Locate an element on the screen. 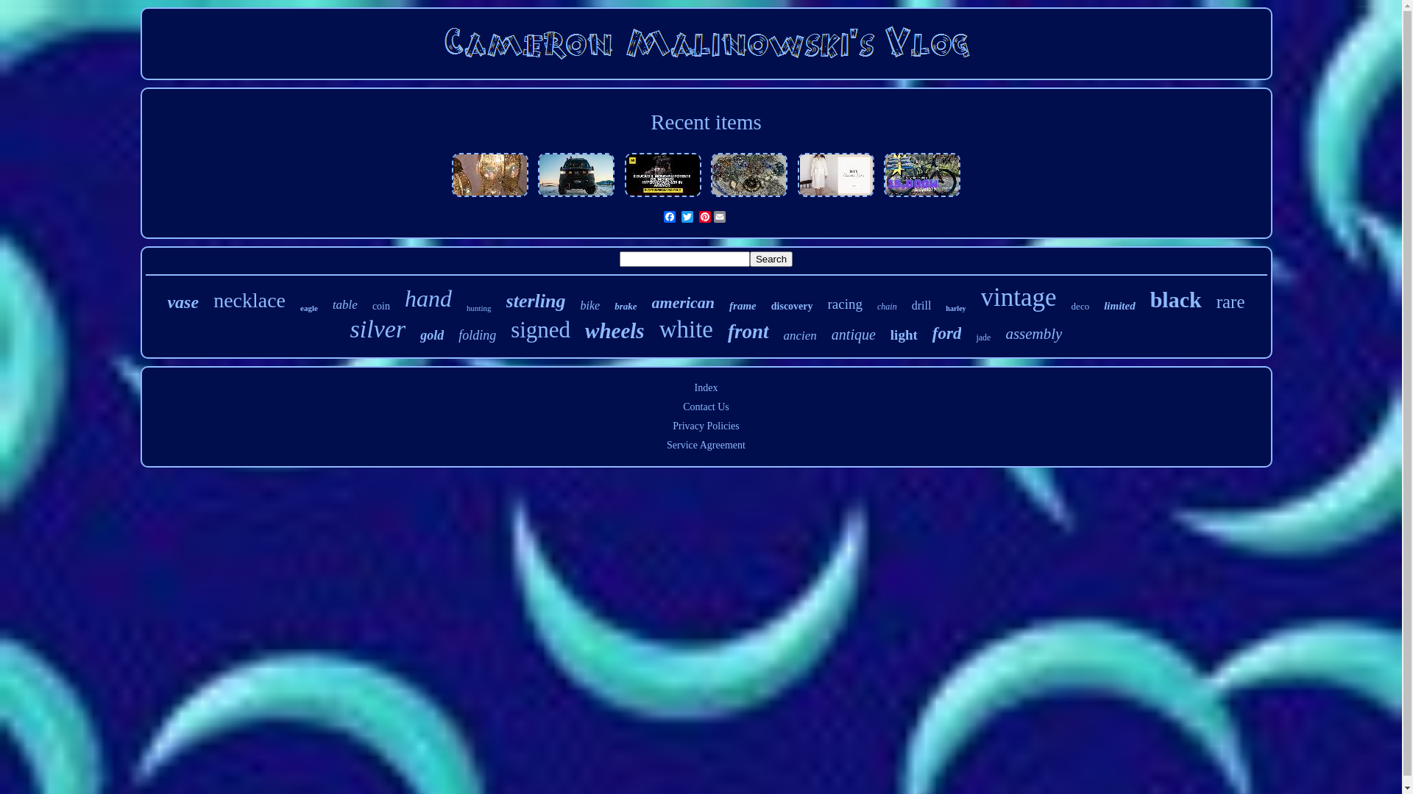  'Service Agreement' is located at coordinates (705, 444).